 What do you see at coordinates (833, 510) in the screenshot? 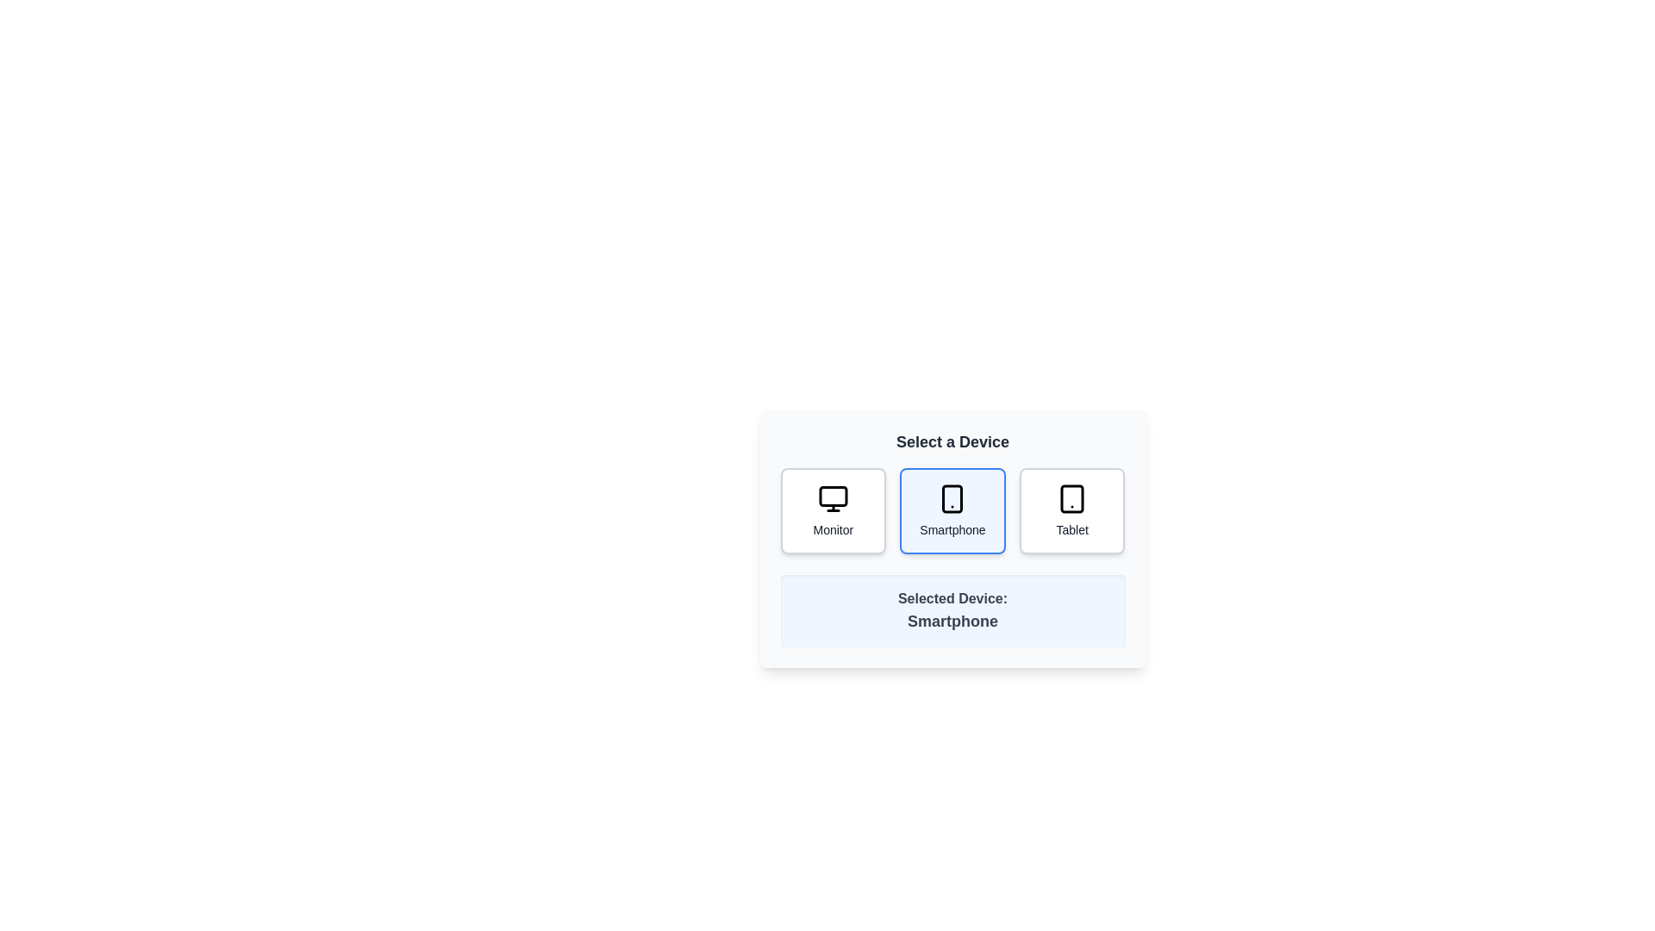
I see `the button corresponding to the device Monitor to select it` at bounding box center [833, 510].